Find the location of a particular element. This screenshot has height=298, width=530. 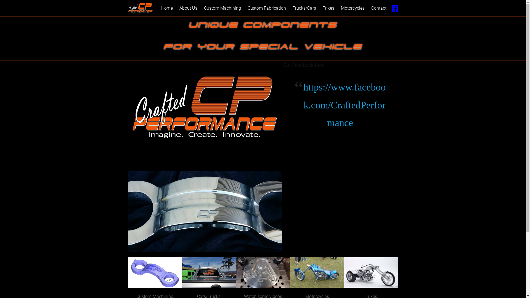

'Home' is located at coordinates (166, 8).